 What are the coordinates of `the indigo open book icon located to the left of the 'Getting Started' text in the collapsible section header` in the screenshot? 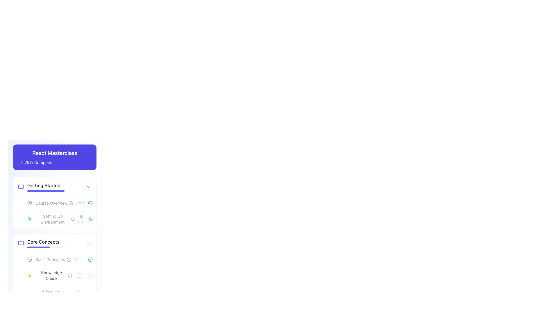 It's located at (21, 187).